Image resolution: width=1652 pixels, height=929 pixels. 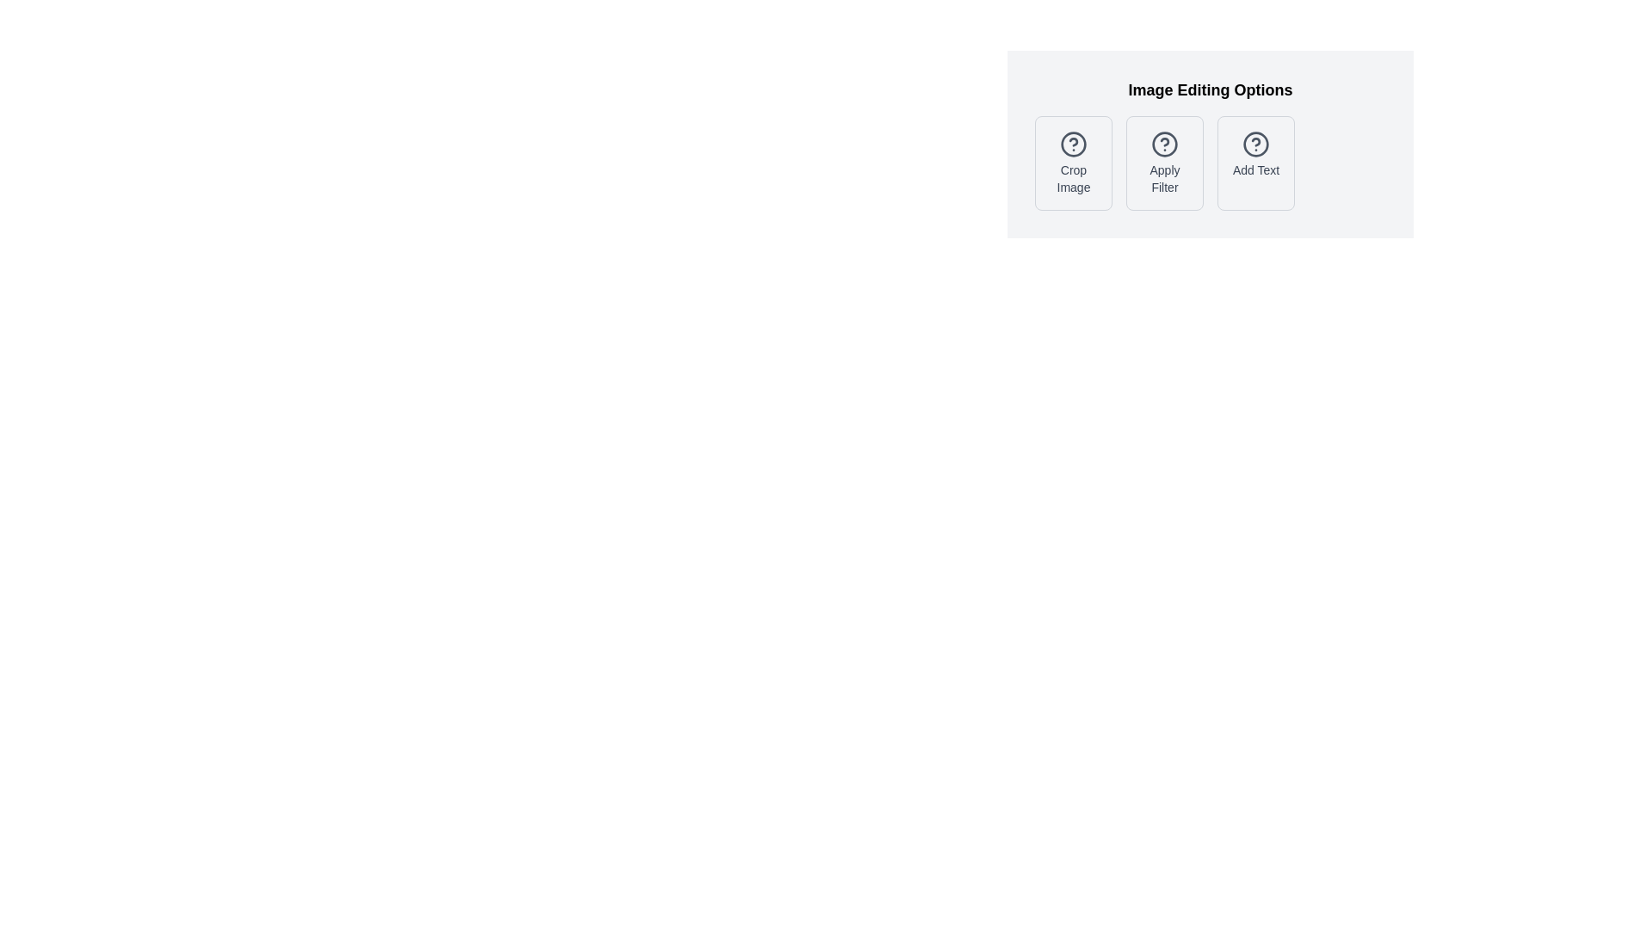 What do you see at coordinates (1164, 144) in the screenshot?
I see `the question mark icon enclosed within a circle, which is located at the top of the Apply Filter button in the Image Editing Options section` at bounding box center [1164, 144].